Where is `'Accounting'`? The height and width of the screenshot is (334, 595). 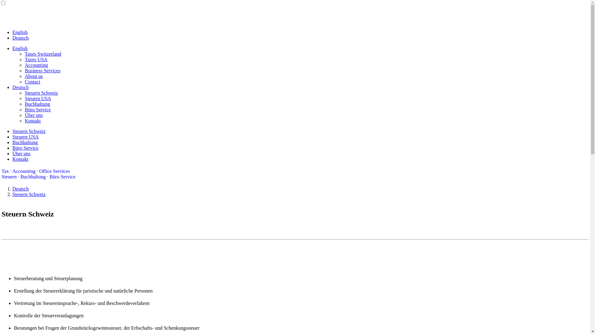 'Accounting' is located at coordinates (36, 65).